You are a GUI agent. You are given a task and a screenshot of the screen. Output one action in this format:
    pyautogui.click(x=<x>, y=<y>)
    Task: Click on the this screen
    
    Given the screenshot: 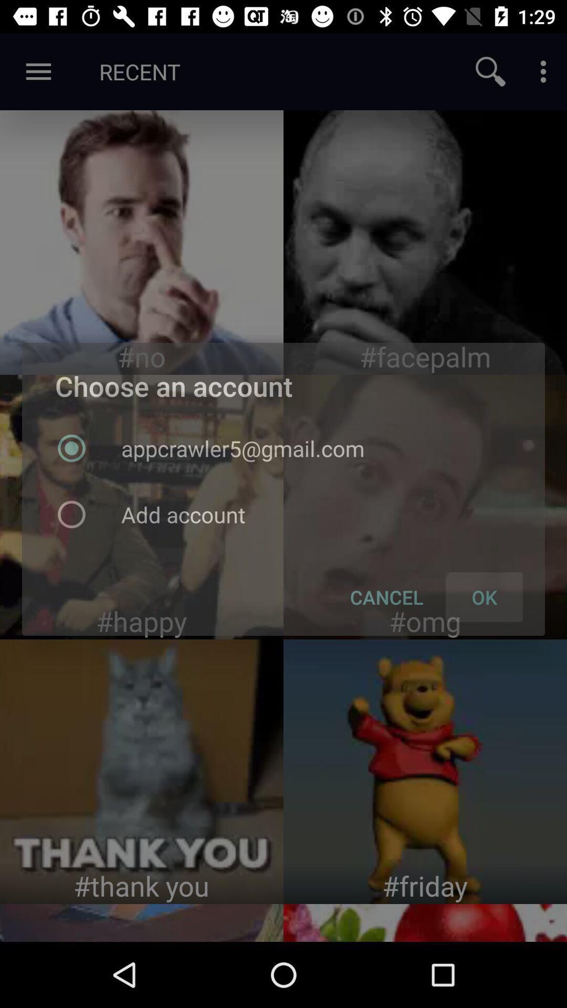 What is the action you would take?
    pyautogui.click(x=425, y=507)
    